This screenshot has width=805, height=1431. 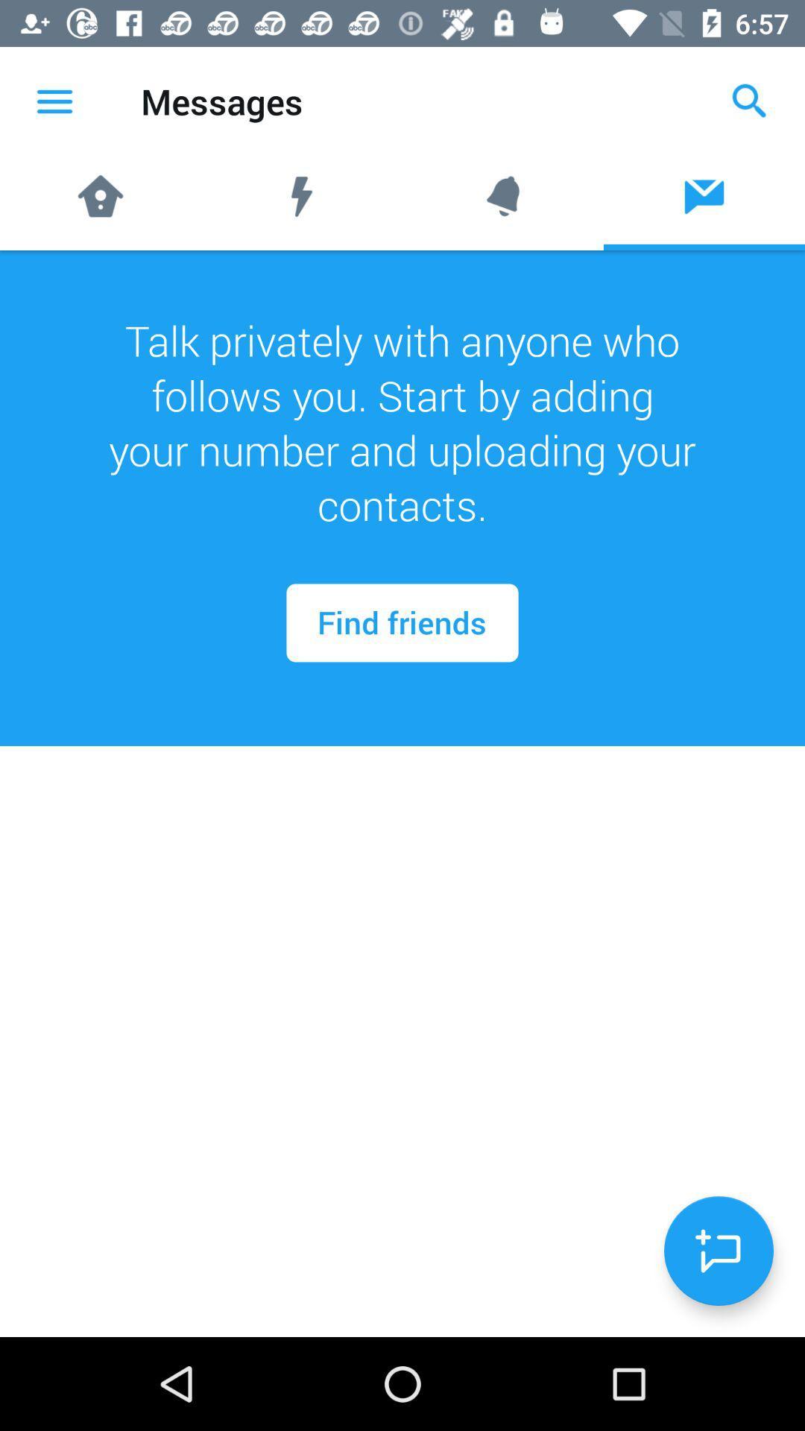 What do you see at coordinates (402, 422) in the screenshot?
I see `the item above the find friends` at bounding box center [402, 422].